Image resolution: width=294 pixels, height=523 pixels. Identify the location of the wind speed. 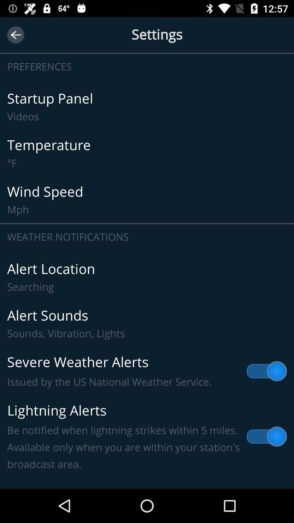
(147, 200).